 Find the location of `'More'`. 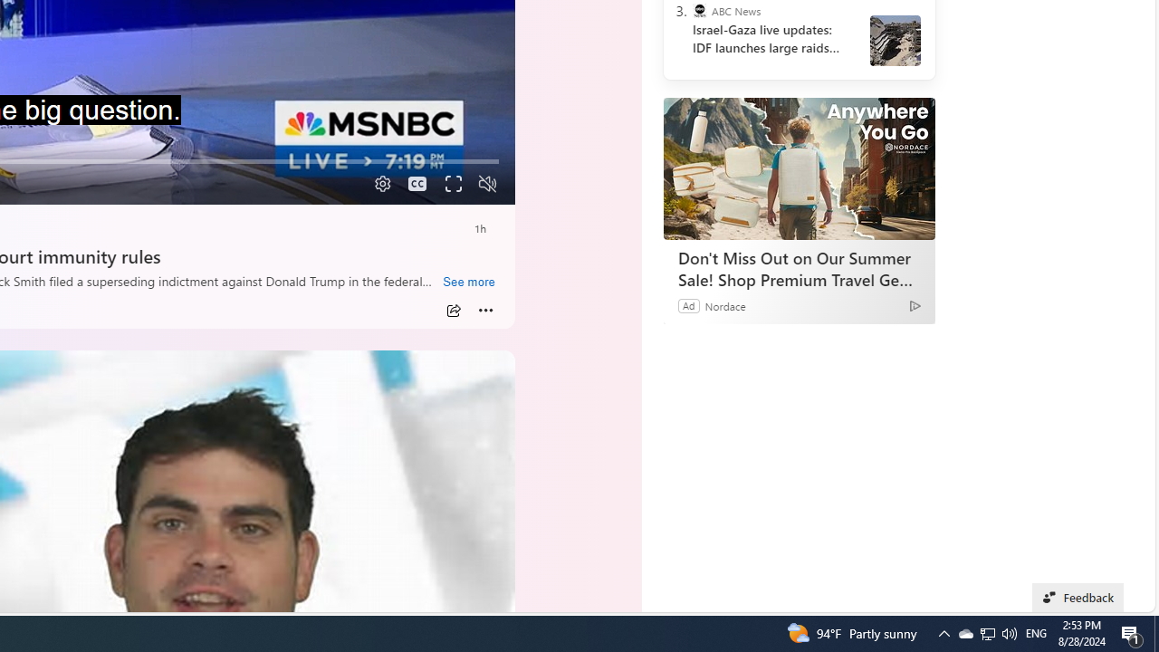

'More' is located at coordinates (485, 310).